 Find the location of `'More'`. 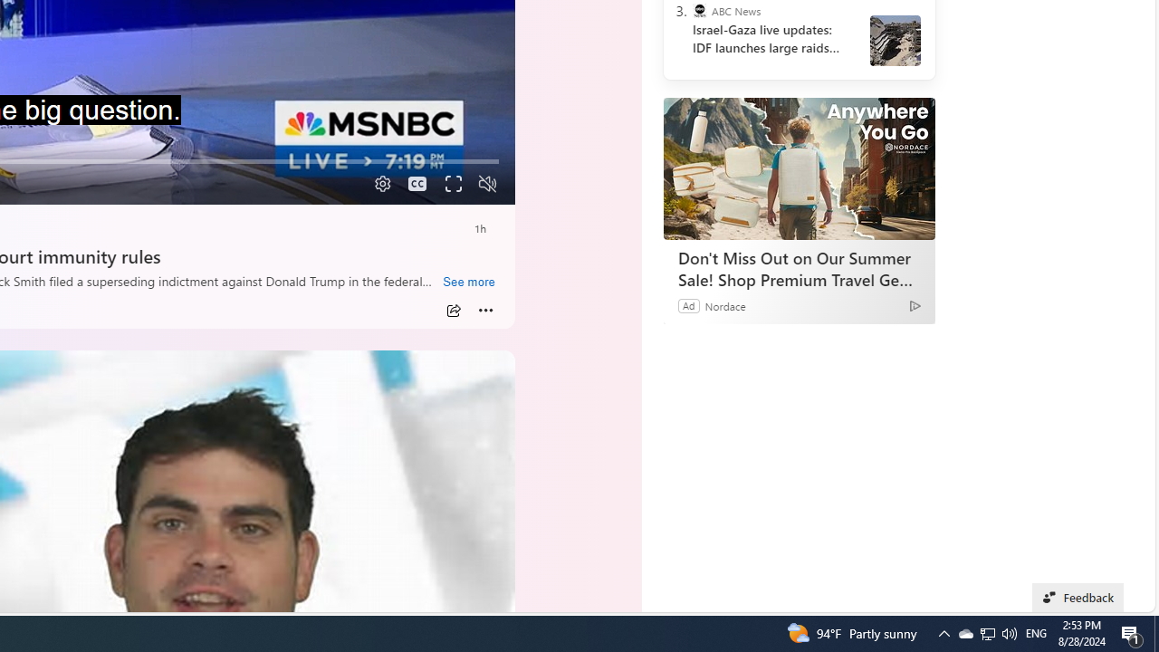

'More' is located at coordinates (485, 310).